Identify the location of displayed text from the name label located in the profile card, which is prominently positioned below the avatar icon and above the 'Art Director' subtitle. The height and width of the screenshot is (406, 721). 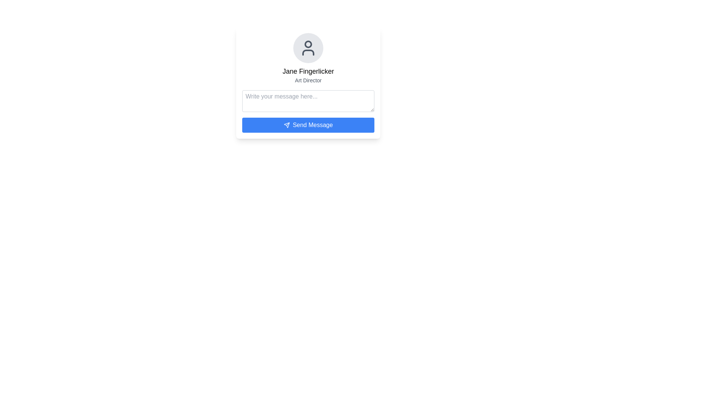
(308, 71).